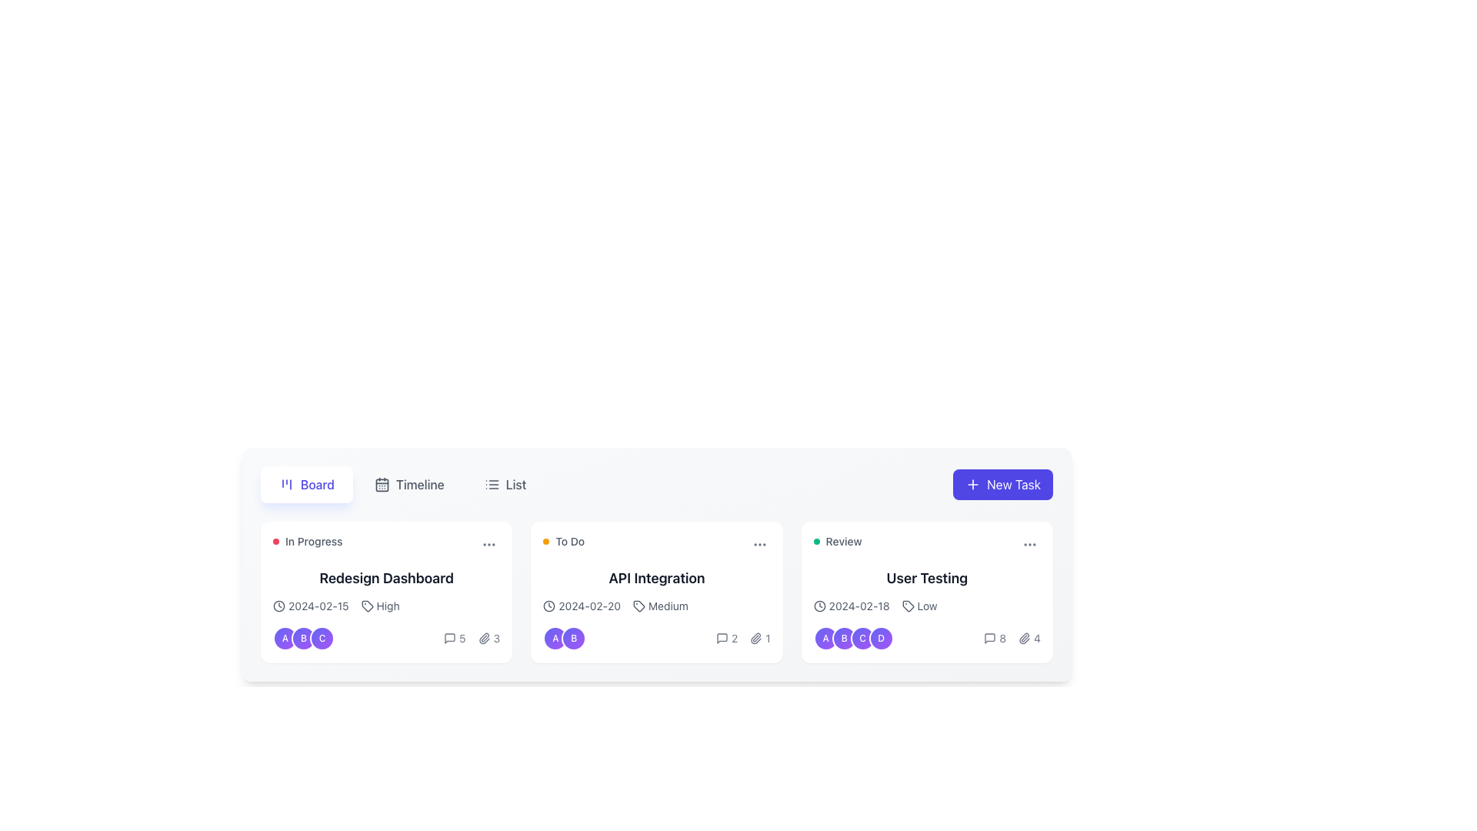 This screenshot has height=831, width=1477. I want to click on the 'List' text label in the navigation menu, so click(516, 483).